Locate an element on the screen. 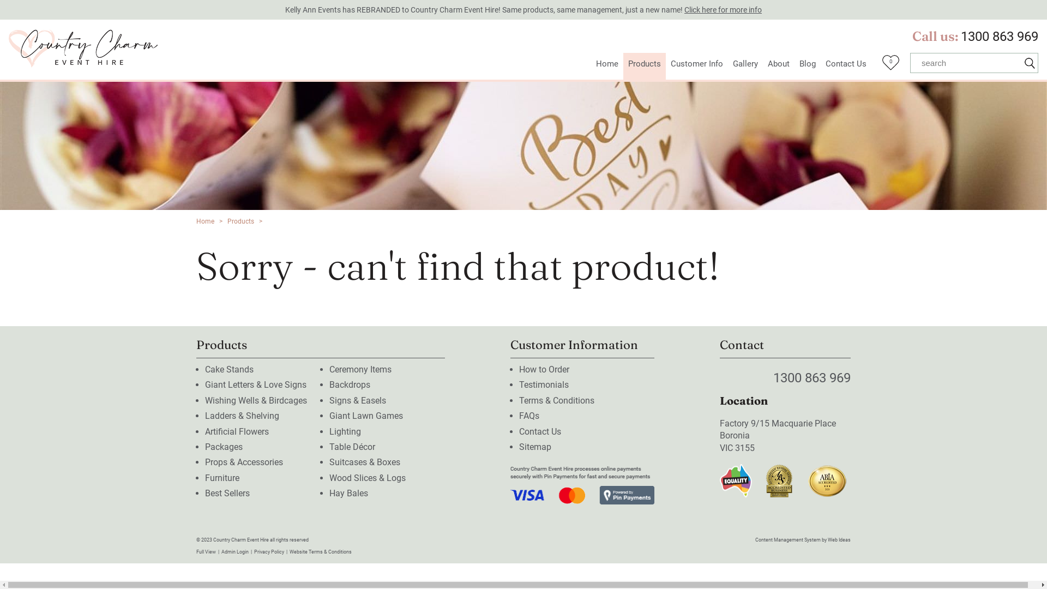  'Wood Slices & Logs' is located at coordinates (367, 477).